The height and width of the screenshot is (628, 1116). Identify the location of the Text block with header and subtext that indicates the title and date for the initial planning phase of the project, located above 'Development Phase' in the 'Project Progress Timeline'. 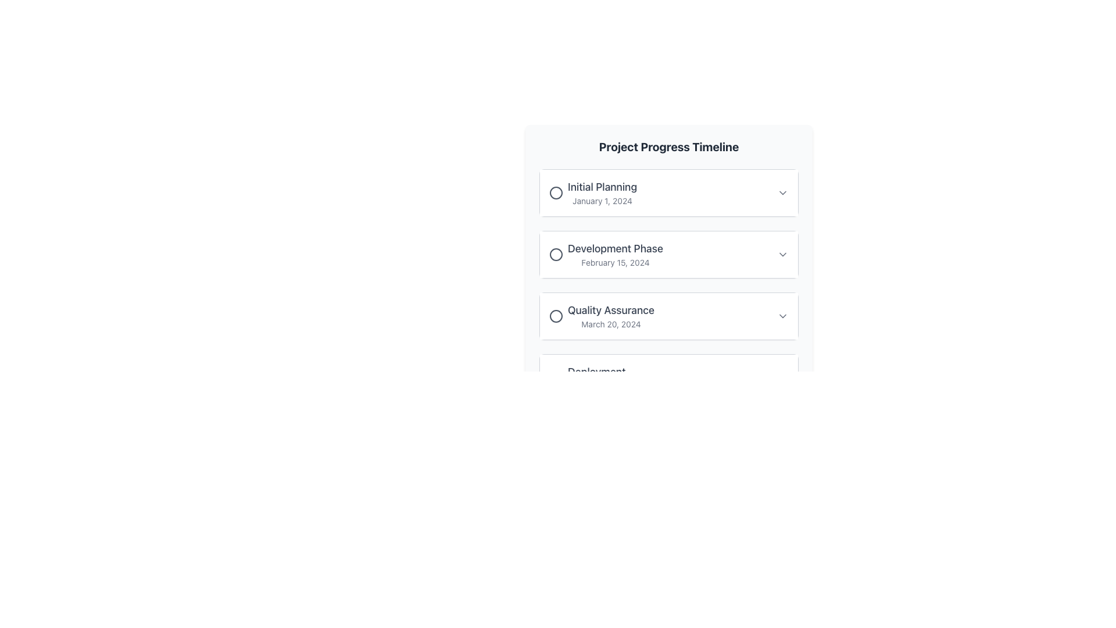
(602, 192).